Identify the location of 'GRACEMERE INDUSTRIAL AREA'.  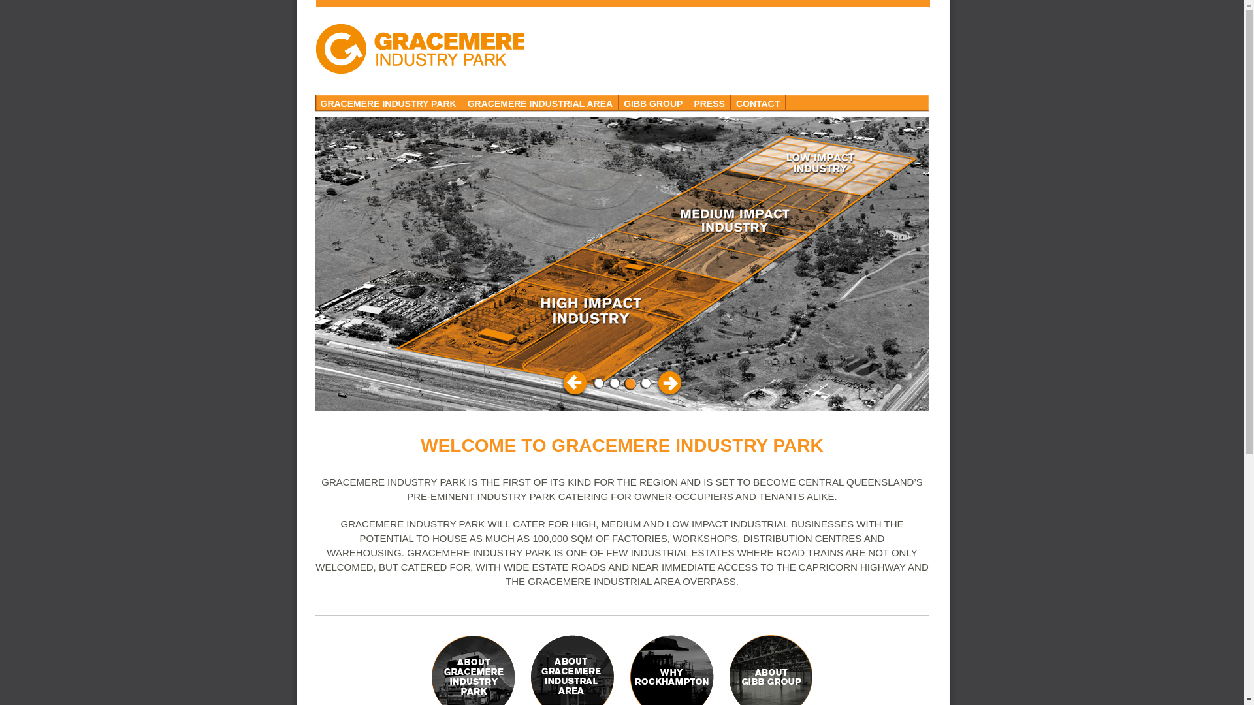
(540, 102).